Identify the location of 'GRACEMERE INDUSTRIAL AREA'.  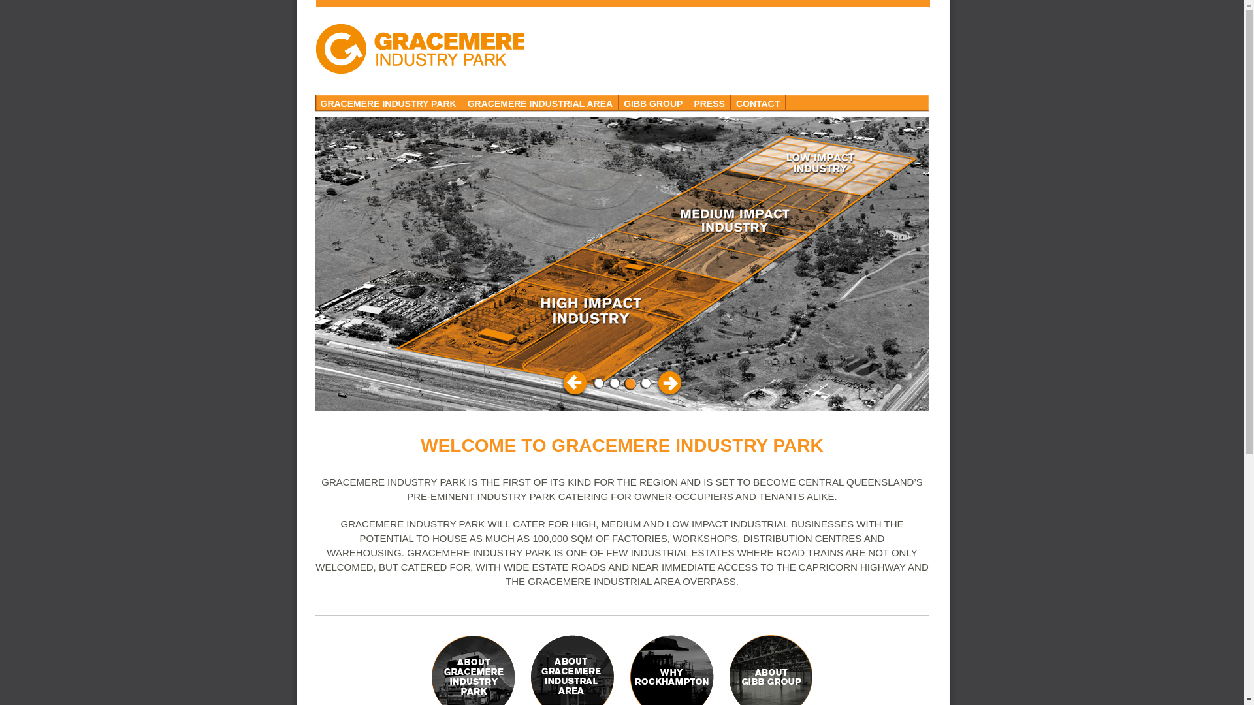
(540, 102).